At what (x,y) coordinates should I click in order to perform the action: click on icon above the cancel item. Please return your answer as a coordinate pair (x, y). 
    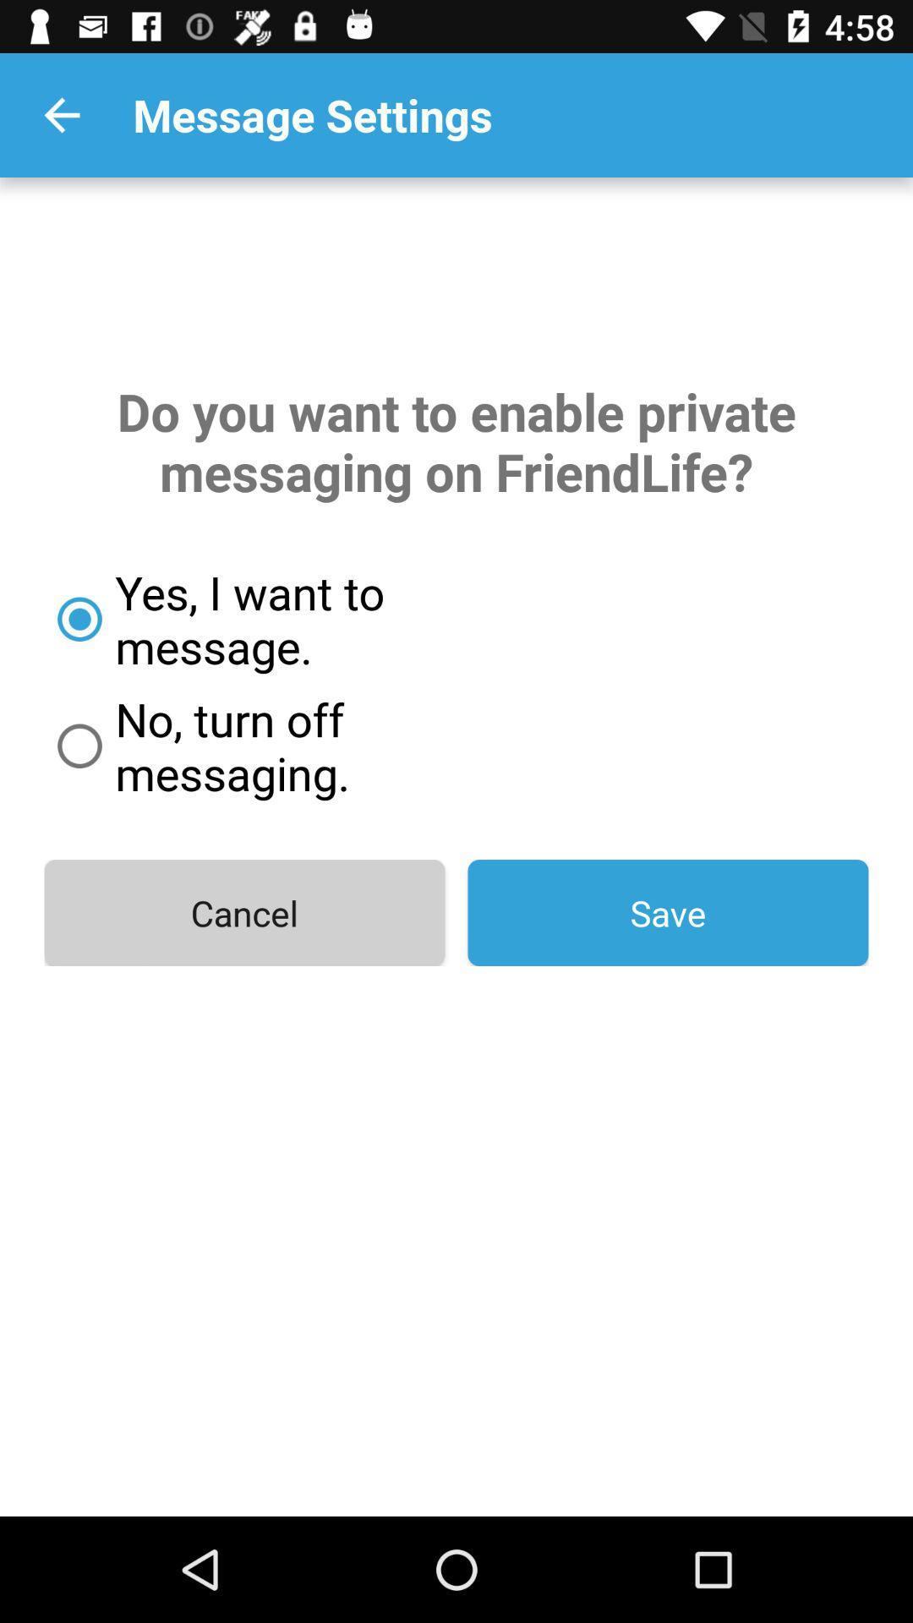
    Looking at the image, I should click on (310, 745).